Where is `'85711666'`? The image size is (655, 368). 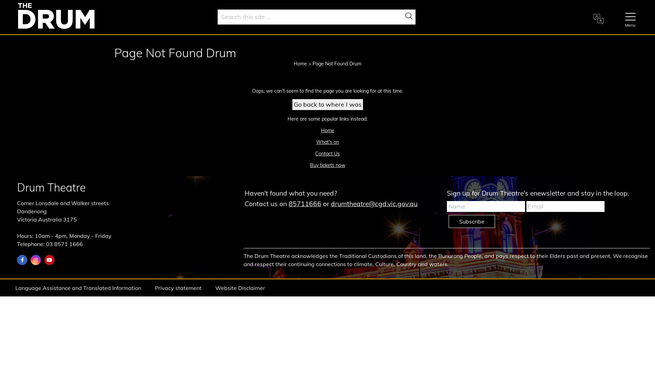 '85711666' is located at coordinates (304, 203).